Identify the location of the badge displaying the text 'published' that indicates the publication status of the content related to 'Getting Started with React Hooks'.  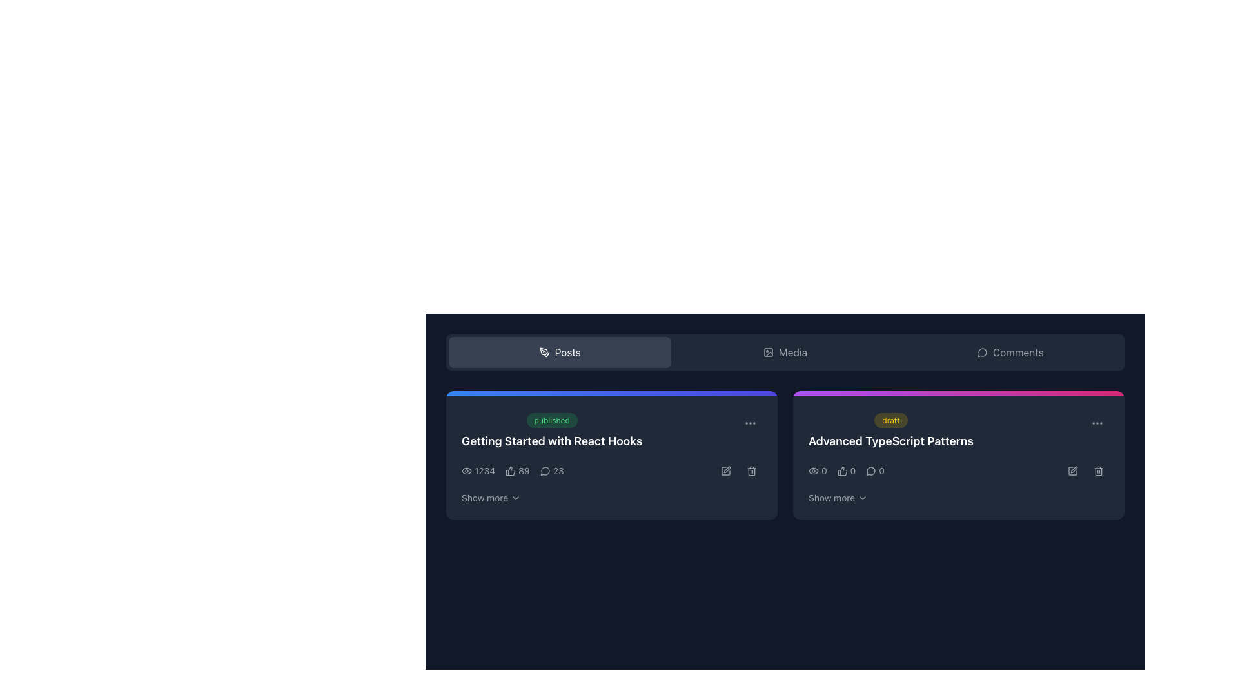
(552, 420).